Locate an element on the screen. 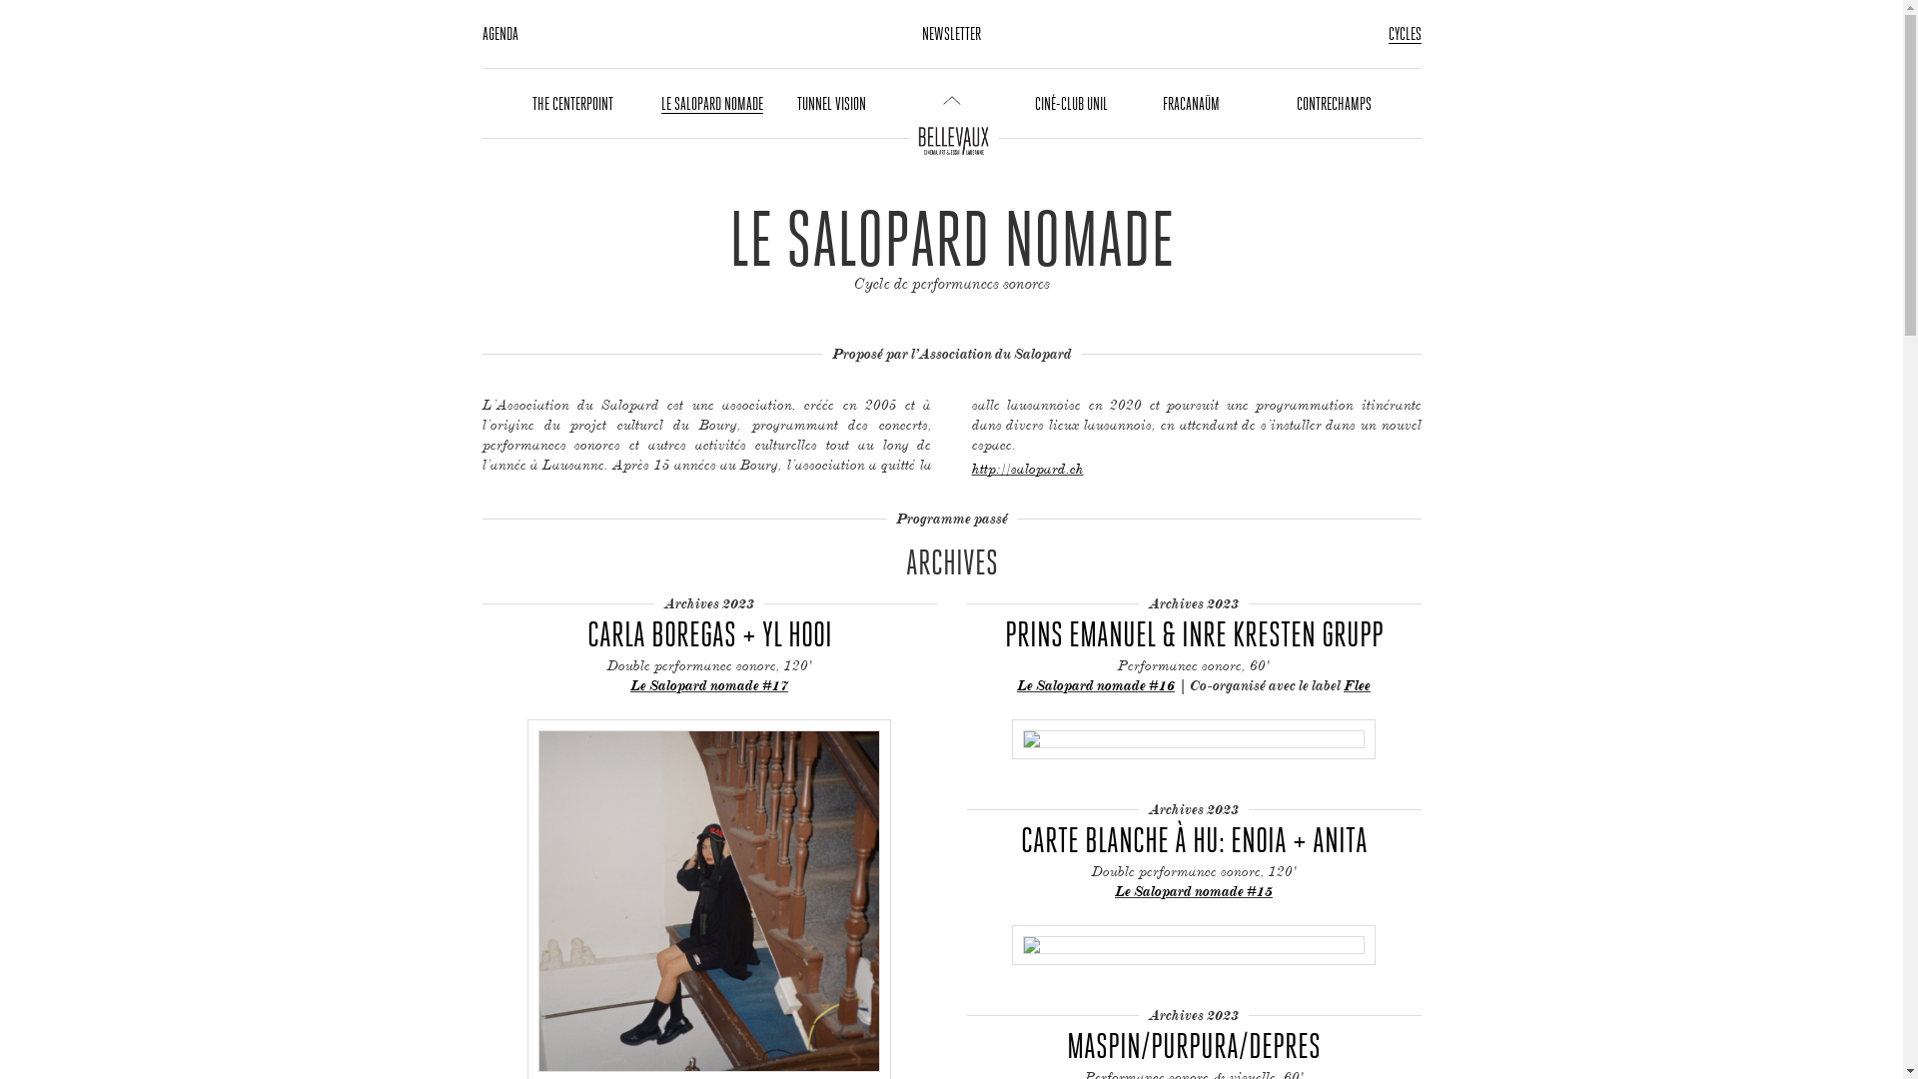 Image resolution: width=1918 pixels, height=1079 pixels. 'http://salopard.ch' is located at coordinates (1026, 468).